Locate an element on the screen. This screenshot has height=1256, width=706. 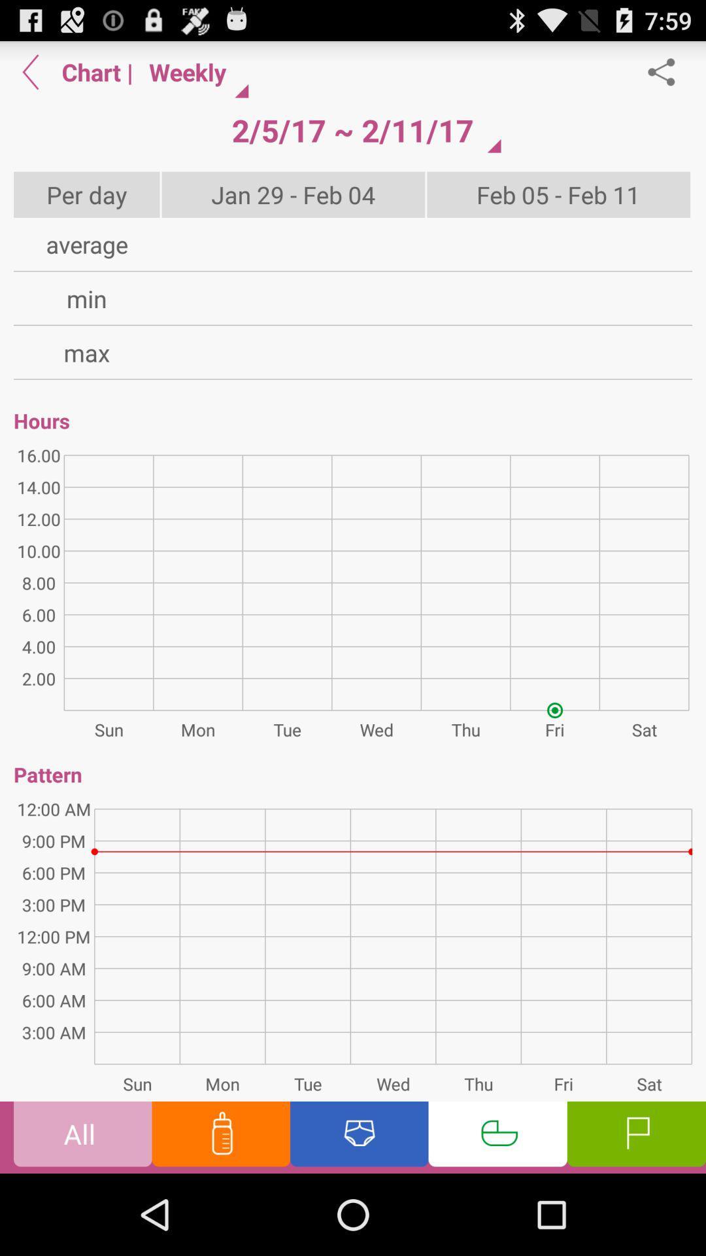
make note that baby ate is located at coordinates (220, 1136).